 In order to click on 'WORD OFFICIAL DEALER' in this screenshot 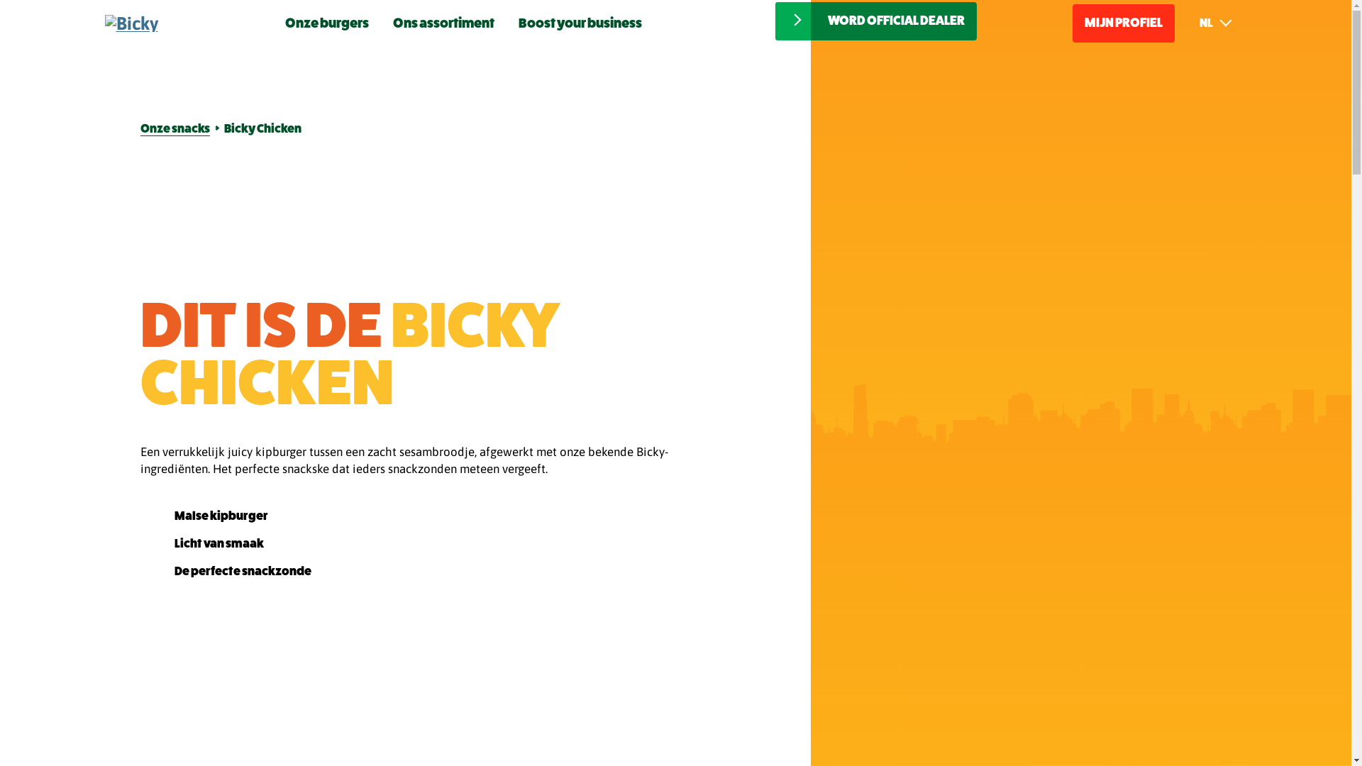, I will do `click(775, 21)`.